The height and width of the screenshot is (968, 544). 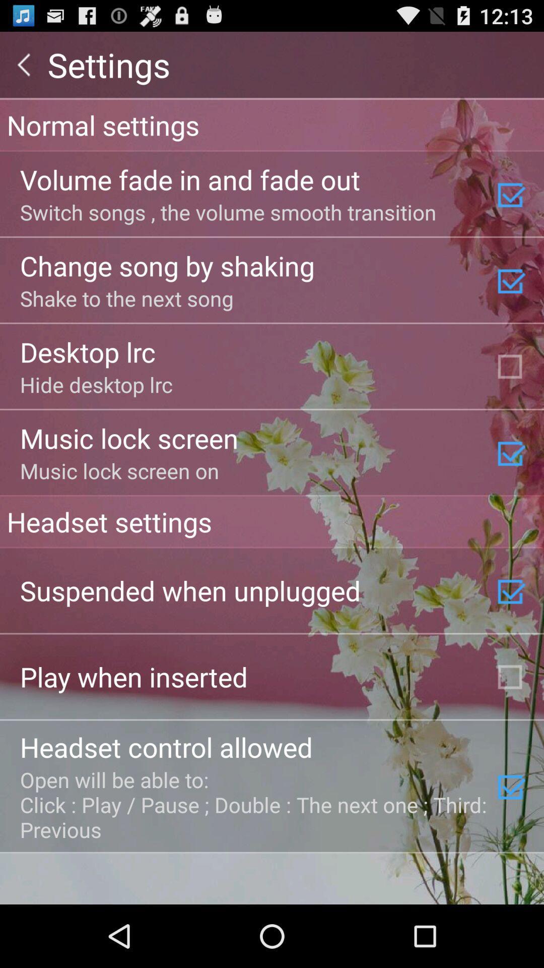 What do you see at coordinates (190, 179) in the screenshot?
I see `volume fade in item` at bounding box center [190, 179].